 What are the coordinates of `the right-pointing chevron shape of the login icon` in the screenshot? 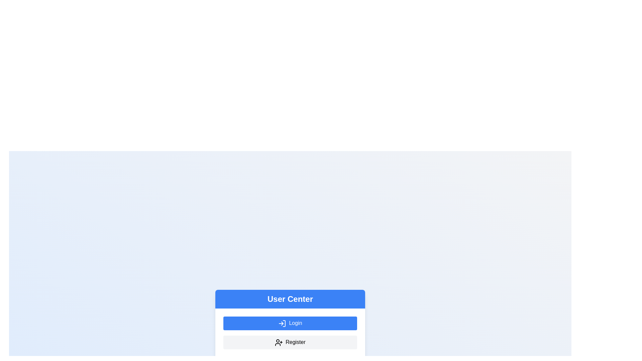 It's located at (282, 323).